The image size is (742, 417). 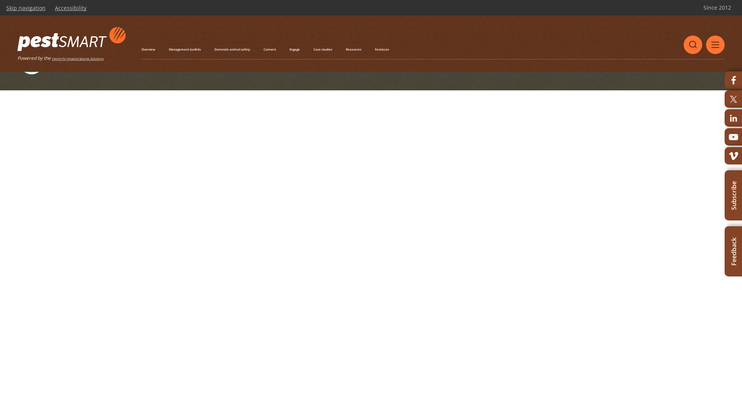 I want to click on 'Menu', so click(x=715, y=44).